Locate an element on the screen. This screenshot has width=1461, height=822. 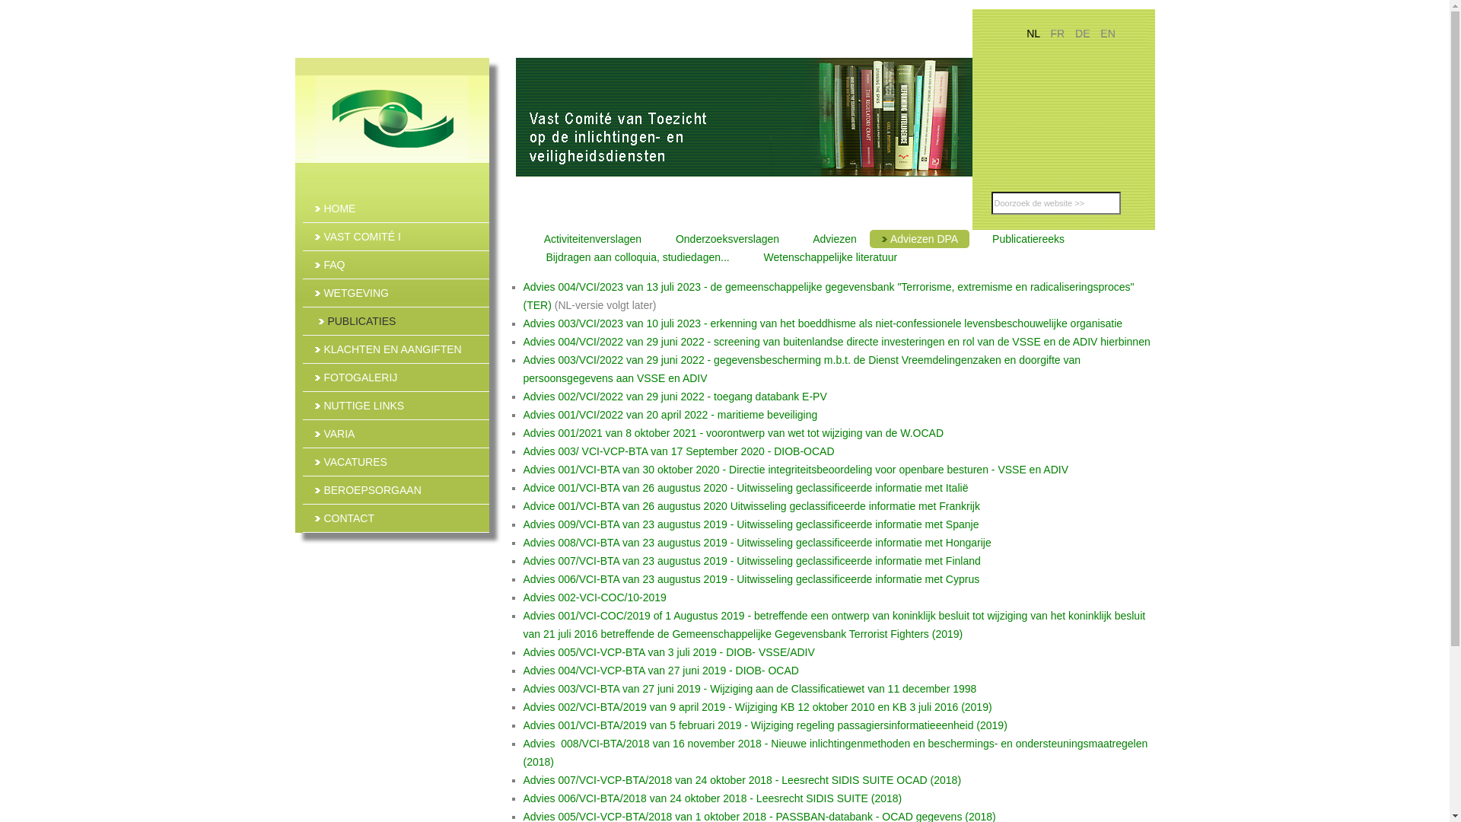
'PUBLICATIES' is located at coordinates (397, 320).